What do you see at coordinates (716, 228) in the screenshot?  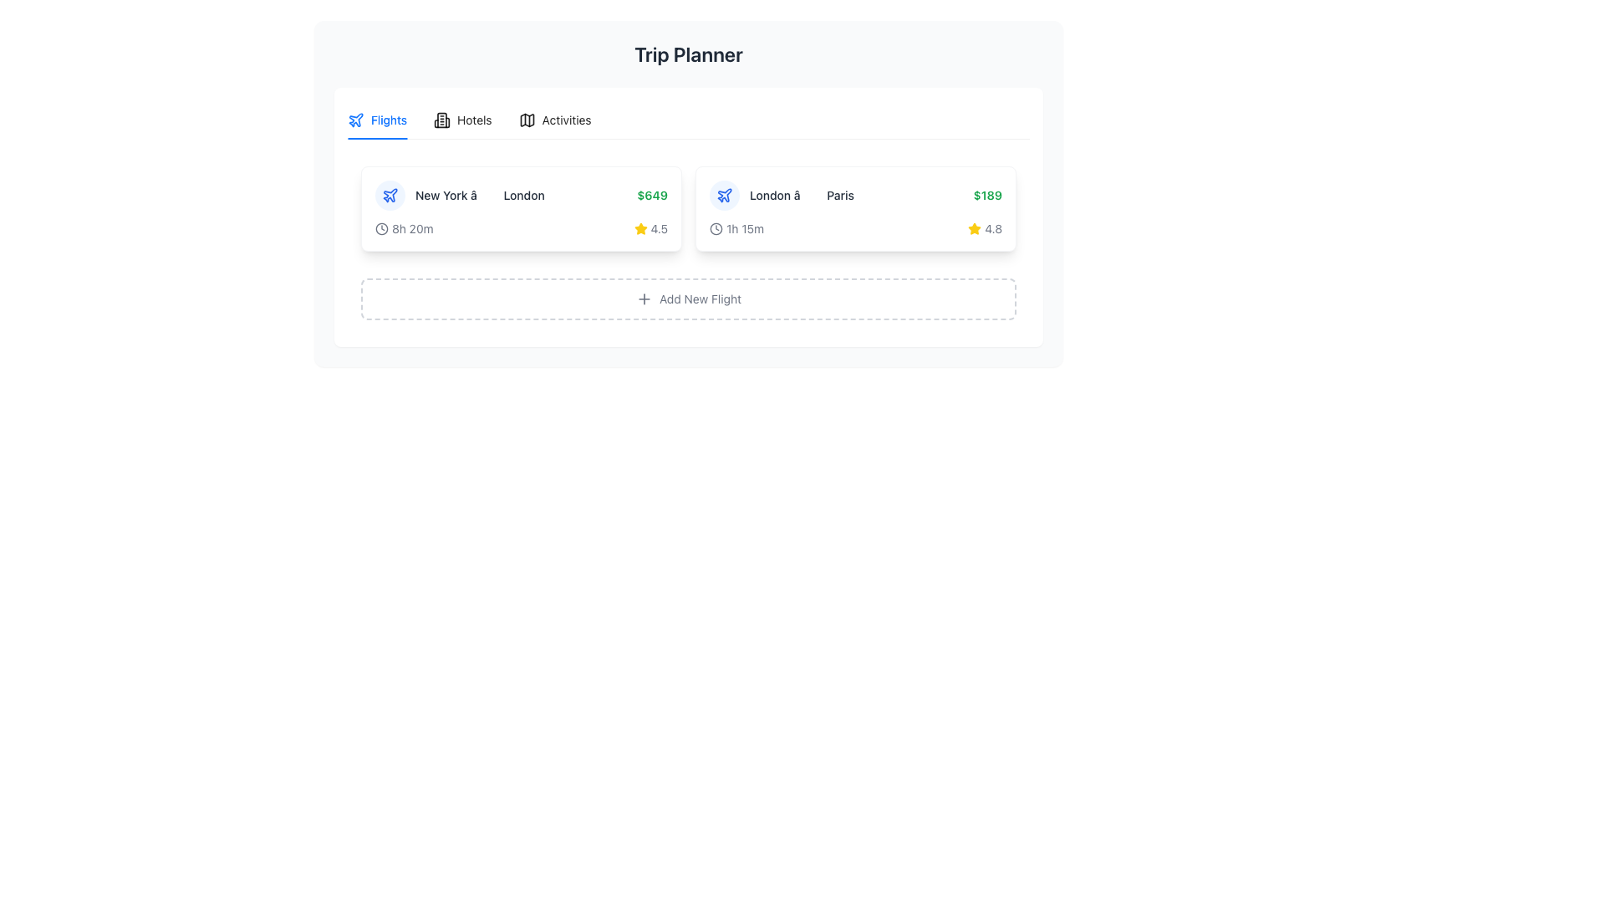 I see `the SVG circle shape that forms the outer circle of the clock icon, located in the lower-left section of the flight card between 'London' and 'Paris'` at bounding box center [716, 228].